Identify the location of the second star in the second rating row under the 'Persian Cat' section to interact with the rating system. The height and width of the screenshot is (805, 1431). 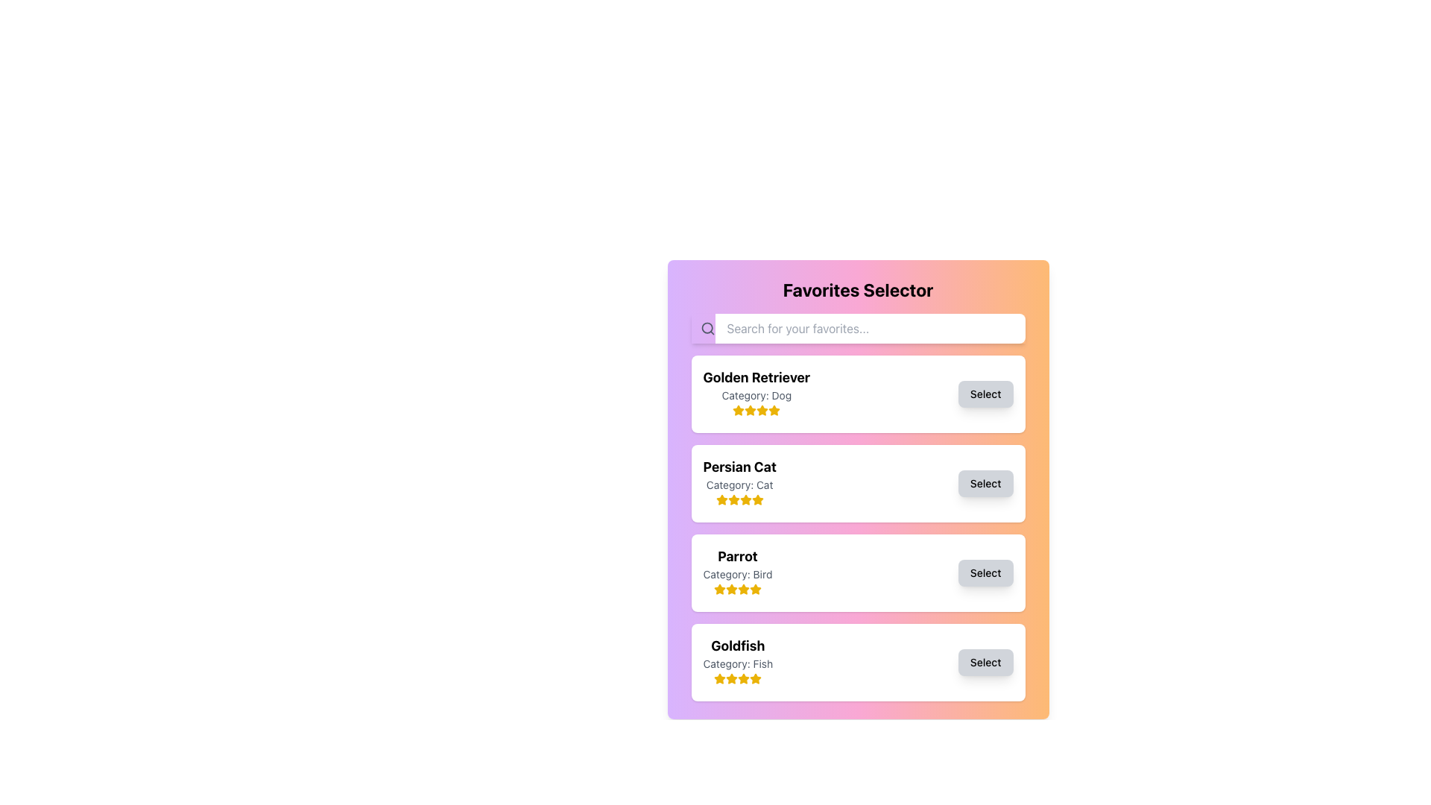
(721, 499).